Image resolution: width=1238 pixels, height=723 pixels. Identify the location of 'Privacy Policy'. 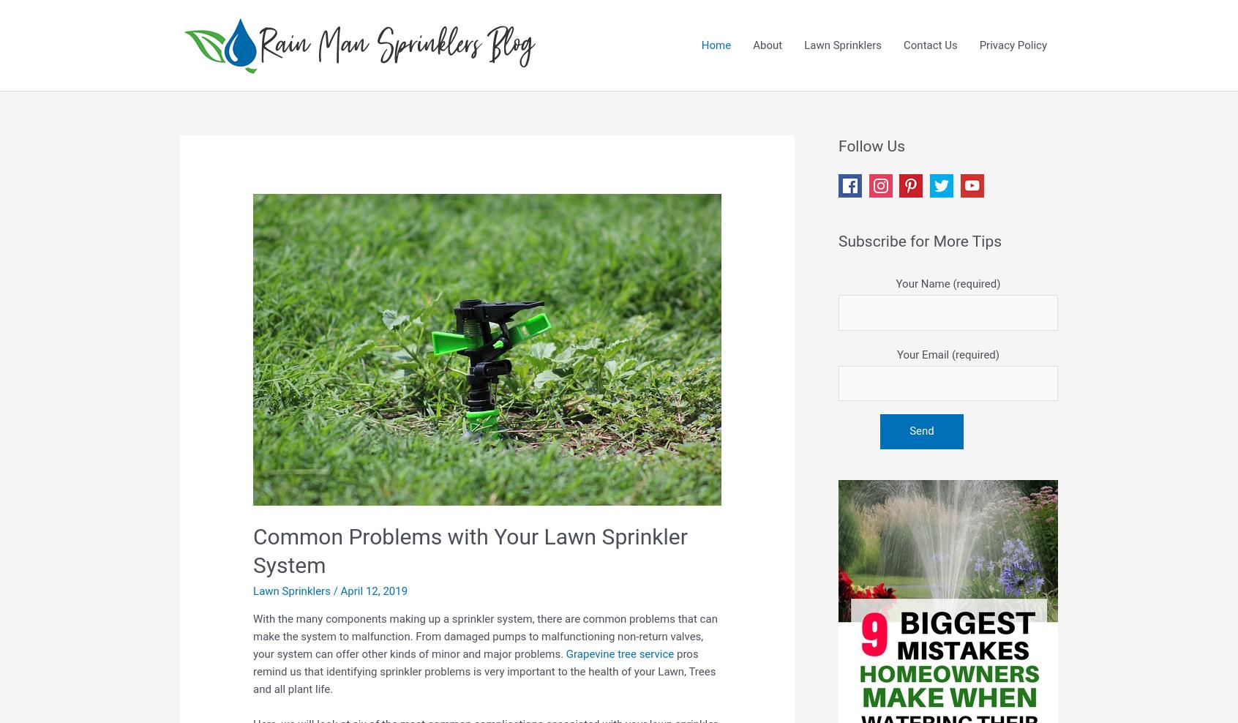
(1013, 45).